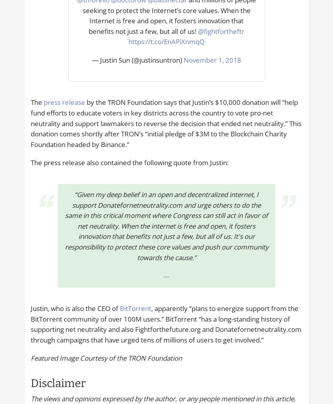 This screenshot has width=333, height=404. Describe the element at coordinates (74, 308) in the screenshot. I see `'Justin, who is also the CEO of'` at that location.